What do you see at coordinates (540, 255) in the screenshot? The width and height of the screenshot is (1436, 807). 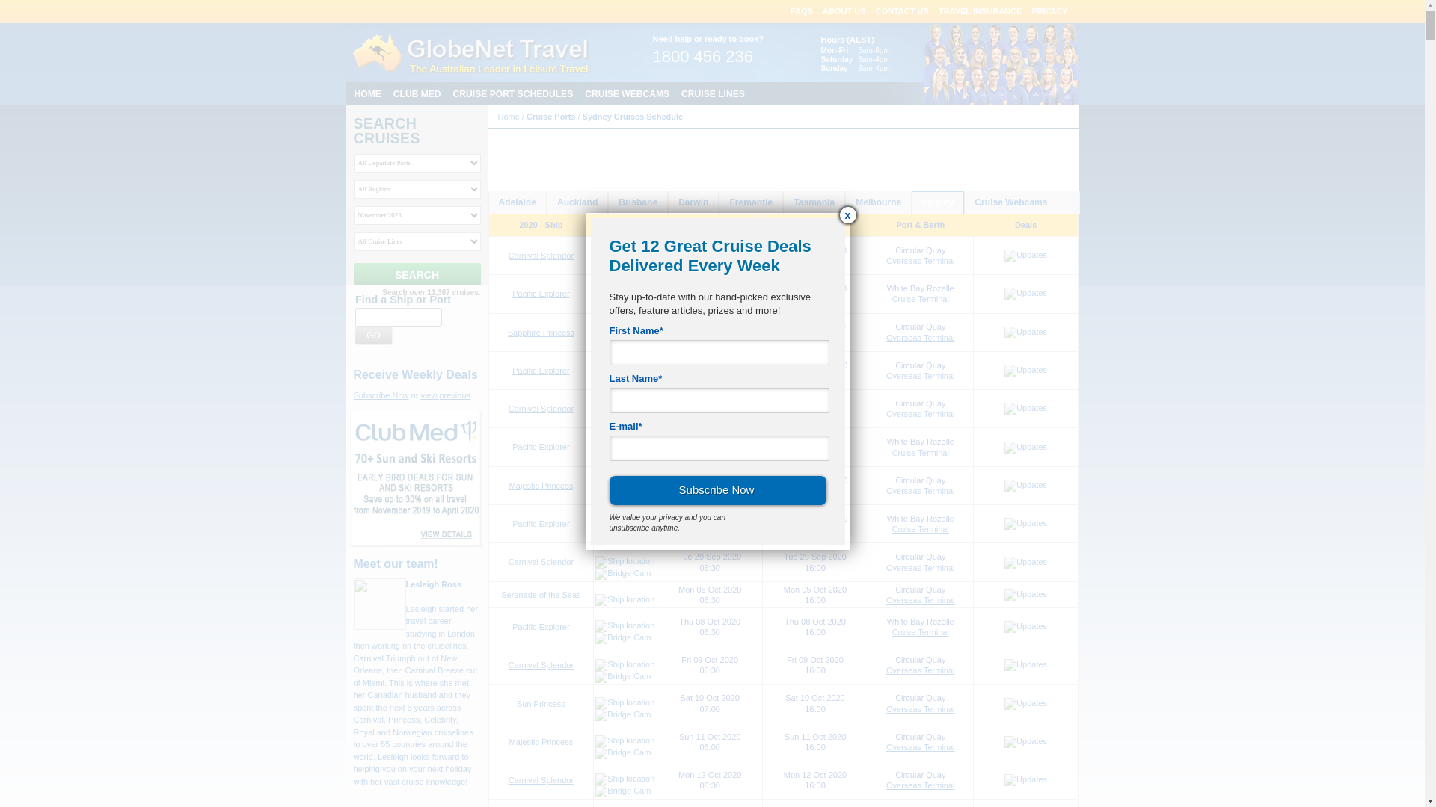 I see `'Carnival Splendor'` at bounding box center [540, 255].